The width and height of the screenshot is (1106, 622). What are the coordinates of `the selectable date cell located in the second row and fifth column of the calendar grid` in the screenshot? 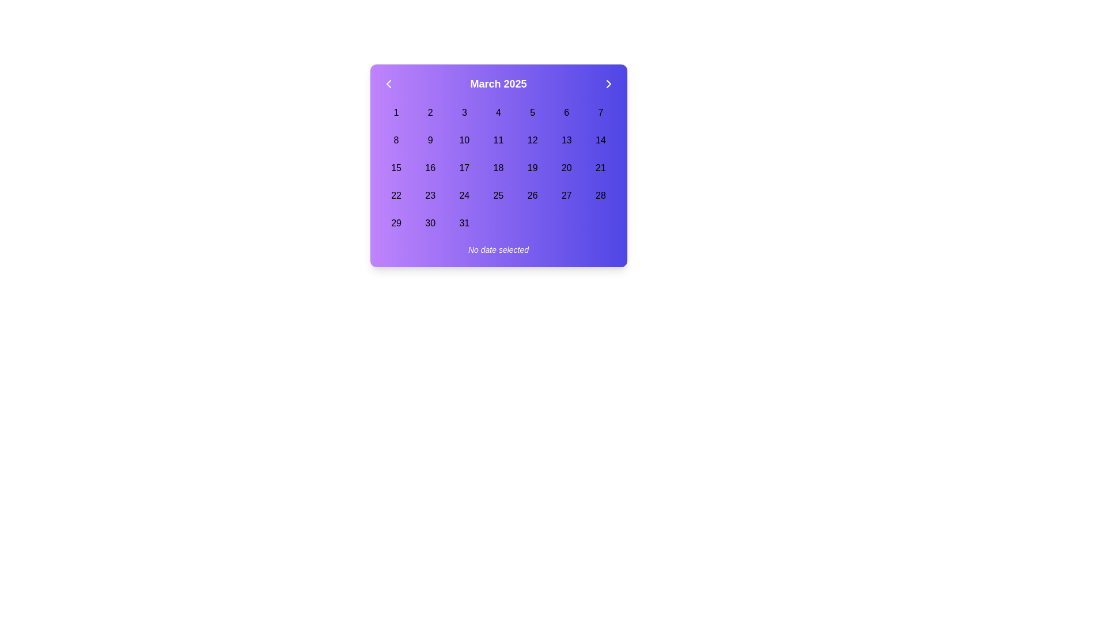 It's located at (532, 139).